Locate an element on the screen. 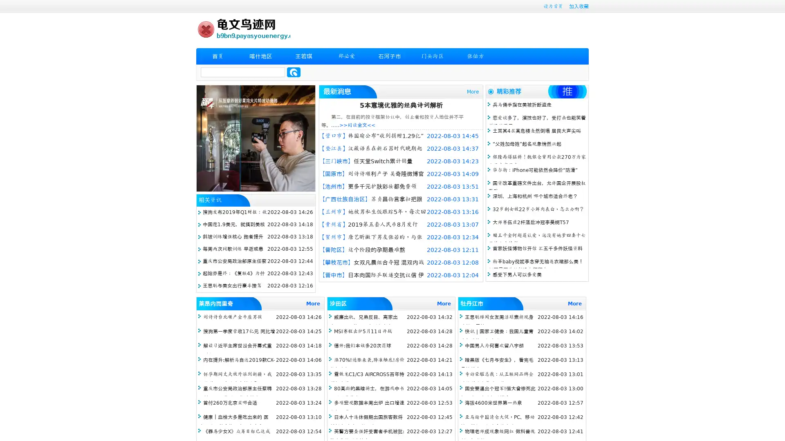 This screenshot has height=441, width=785. Search is located at coordinates (294, 72).